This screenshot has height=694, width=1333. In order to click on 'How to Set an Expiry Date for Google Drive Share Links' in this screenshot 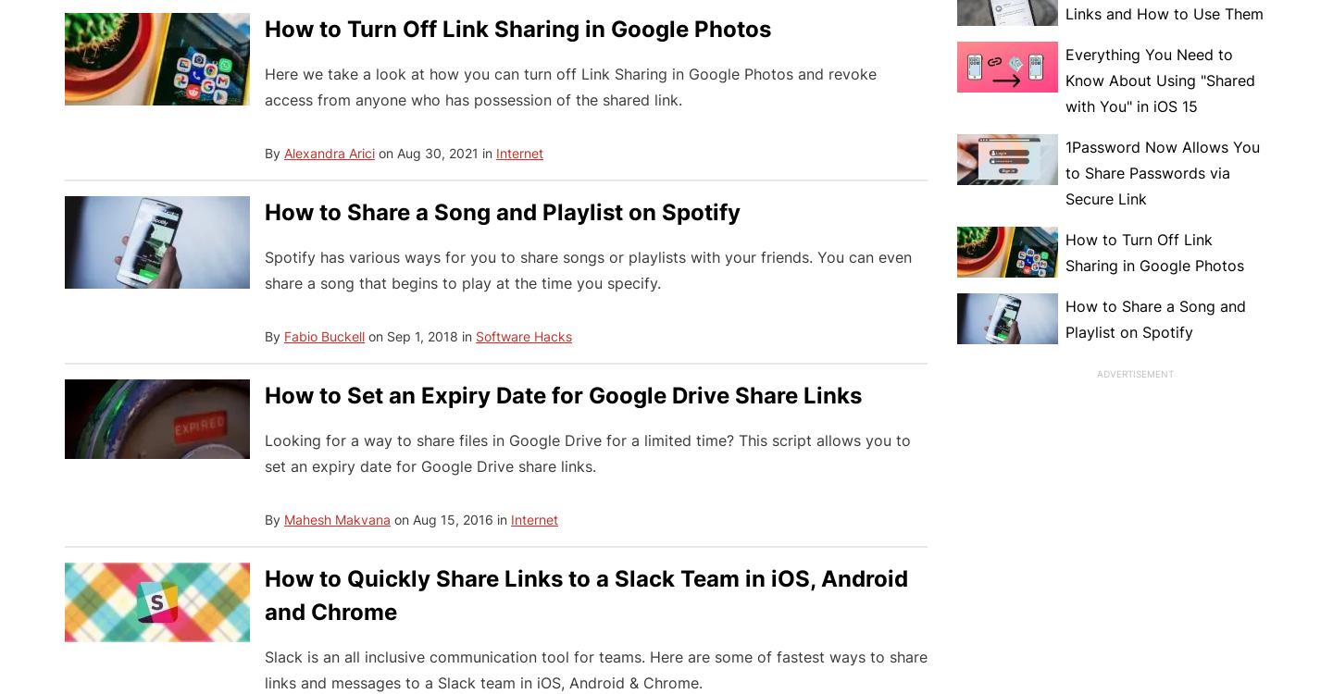, I will do `click(562, 395)`.